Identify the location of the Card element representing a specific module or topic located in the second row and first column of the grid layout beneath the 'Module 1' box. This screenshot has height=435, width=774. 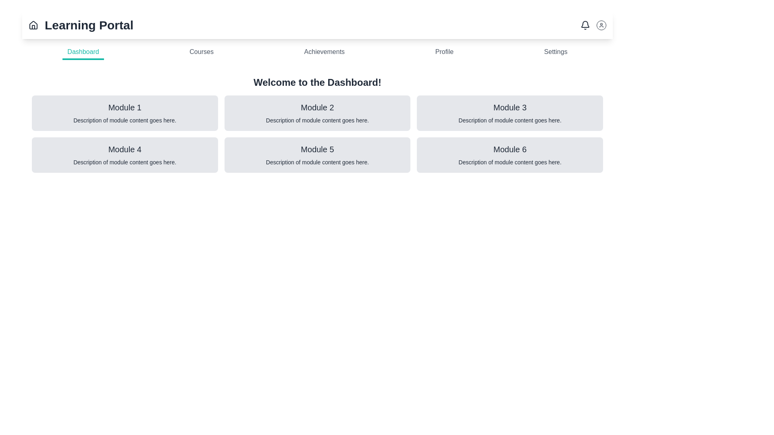
(124, 155).